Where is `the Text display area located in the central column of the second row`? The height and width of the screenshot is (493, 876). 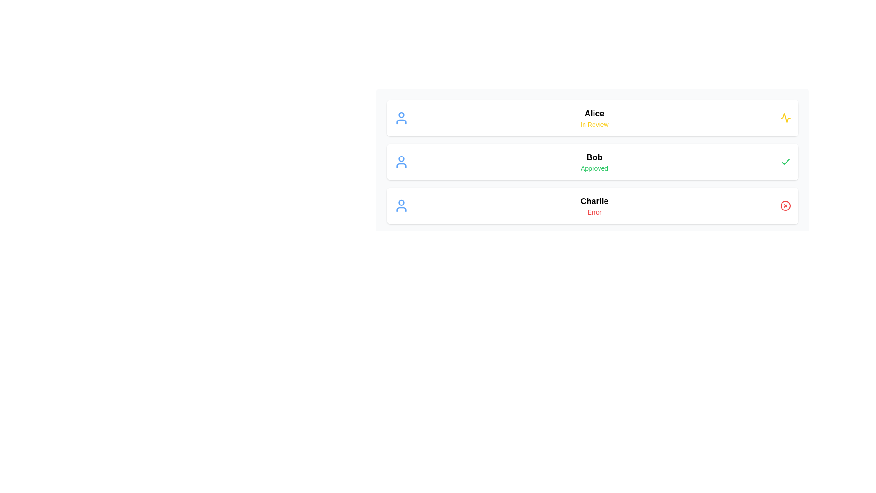
the Text display area located in the central column of the second row is located at coordinates (594, 161).